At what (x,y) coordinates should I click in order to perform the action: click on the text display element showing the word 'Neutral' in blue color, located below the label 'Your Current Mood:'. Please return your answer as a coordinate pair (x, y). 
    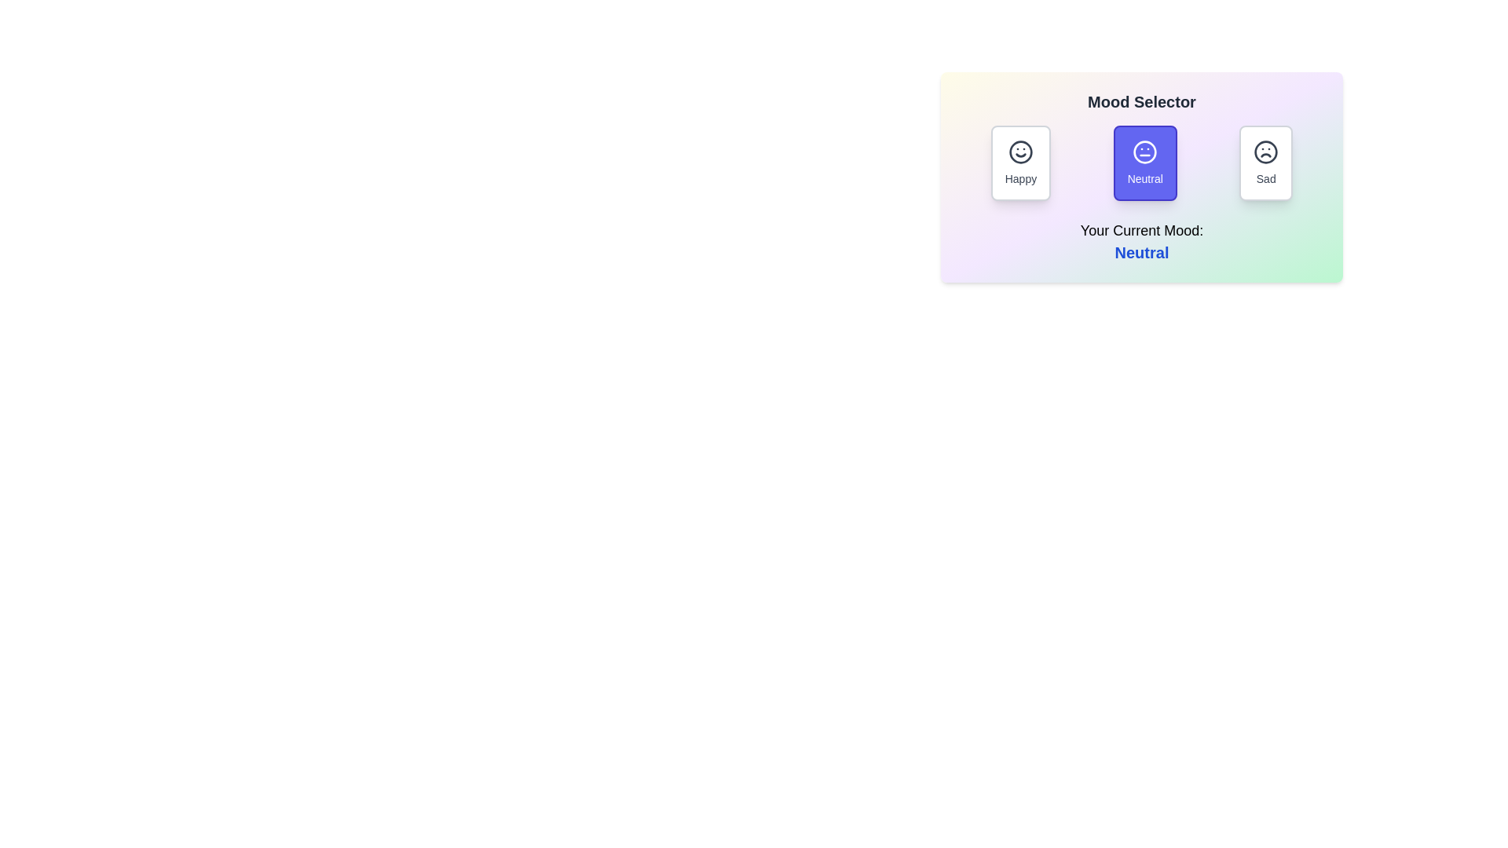
    Looking at the image, I should click on (1142, 251).